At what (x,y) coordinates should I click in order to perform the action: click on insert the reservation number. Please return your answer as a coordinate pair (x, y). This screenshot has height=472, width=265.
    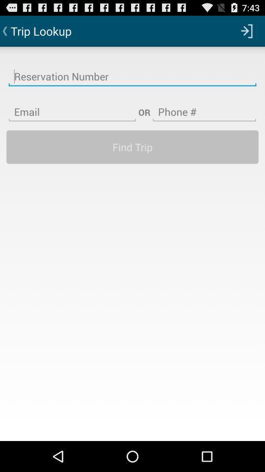
    Looking at the image, I should click on (132, 70).